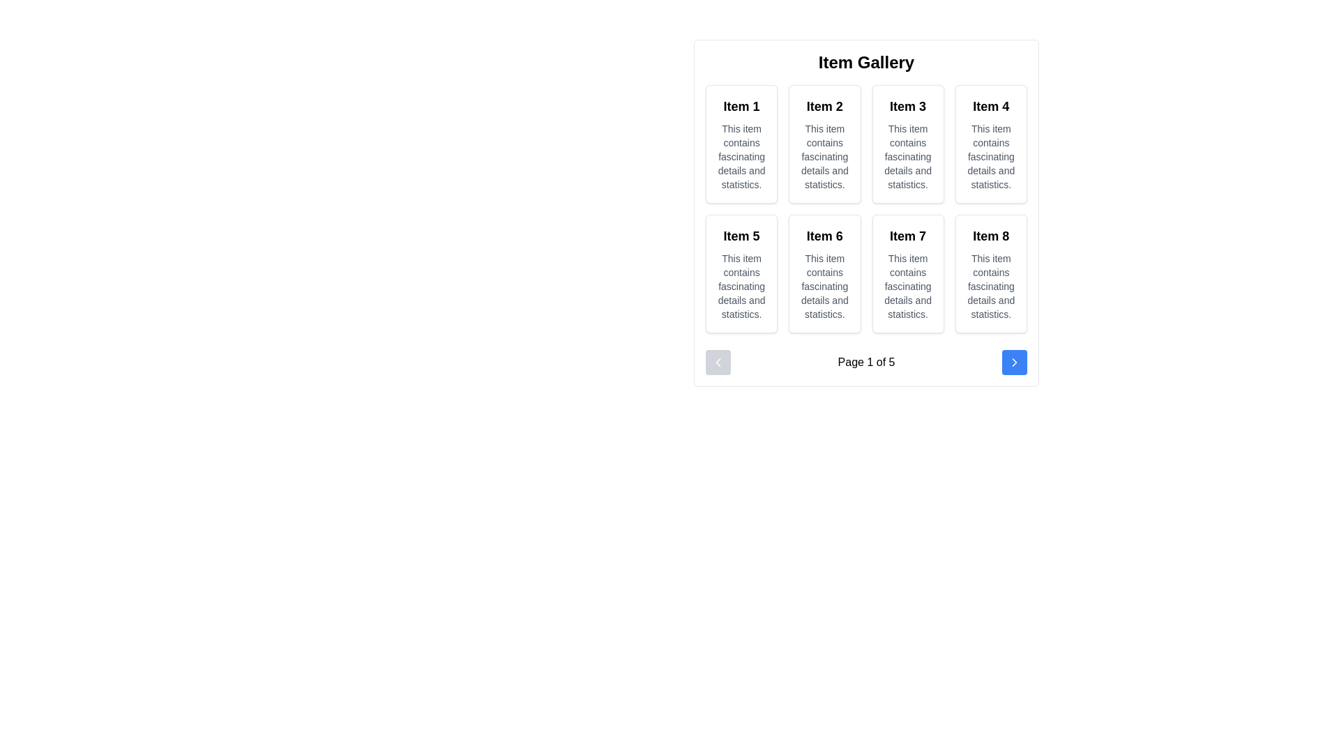 This screenshot has height=753, width=1339. I want to click on contents of the informational card titled 'Item 8', located in the bottom-right corner of the grid, which is the last card in the fourth column, so click(990, 274).